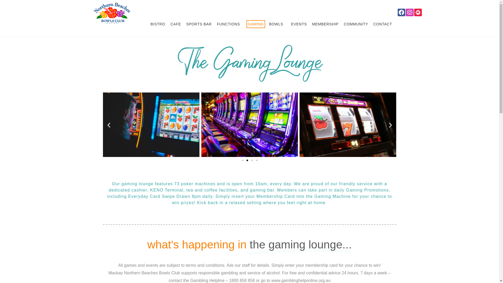 The image size is (503, 283). What do you see at coordinates (325, 24) in the screenshot?
I see `'MEMBERSHIP'` at bounding box center [325, 24].